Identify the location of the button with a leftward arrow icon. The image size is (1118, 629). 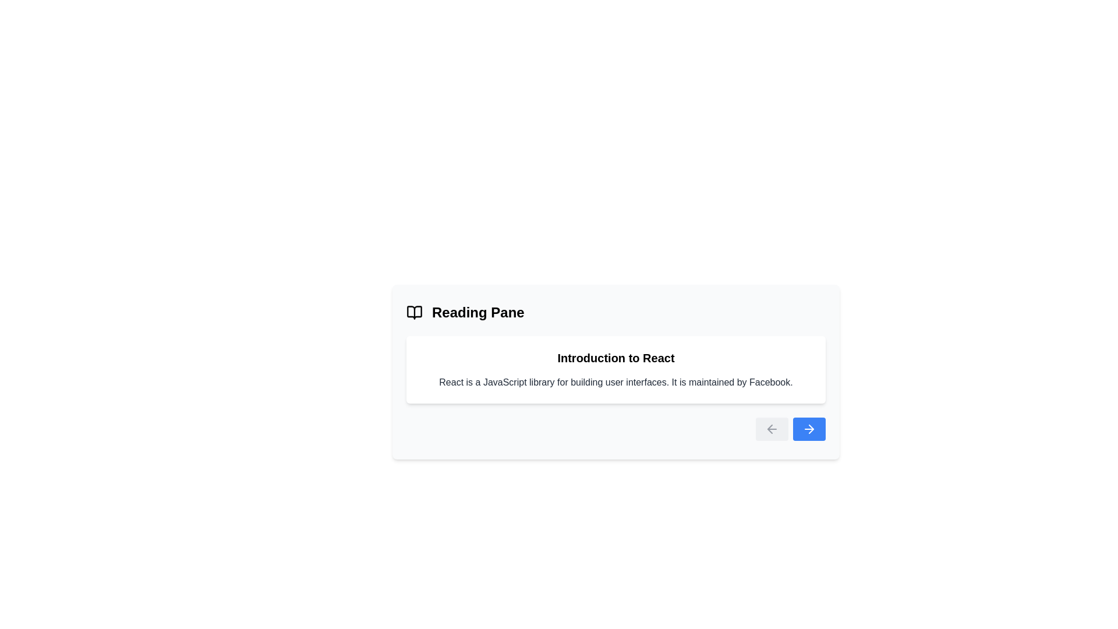
(772, 429).